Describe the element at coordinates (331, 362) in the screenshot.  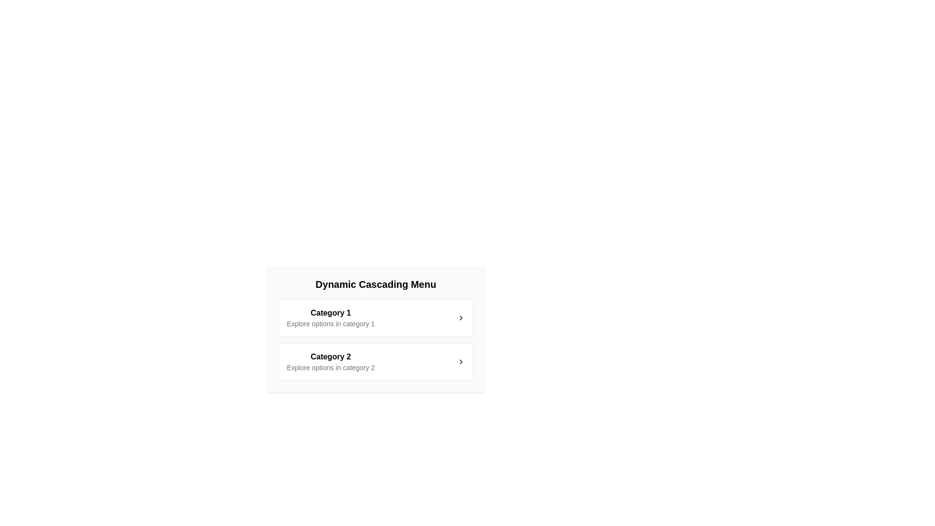
I see `displayed information in the text block titled 'Category 2', which includes the description 'Explore options in category 2', located in the second row of the interactive cascading menu` at that location.